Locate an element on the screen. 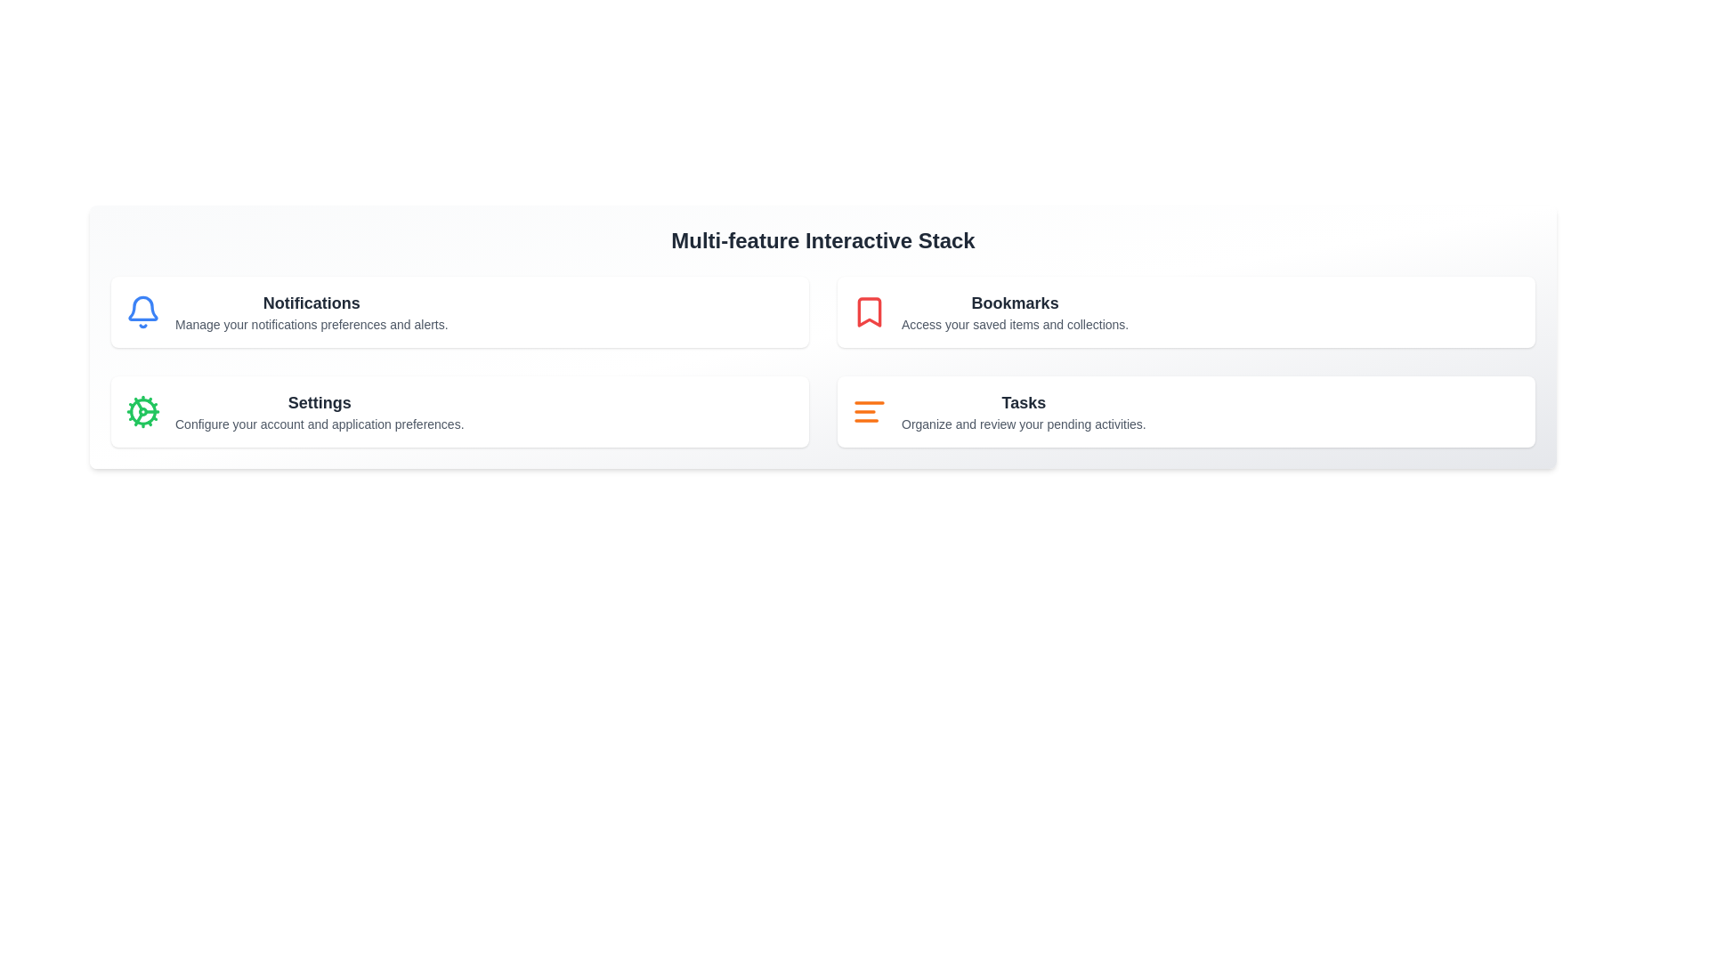 This screenshot has height=961, width=1709. the circular component of the cogwheel icon which has a green border and a central white area, located in the 'Settings' section is located at coordinates (143, 411).